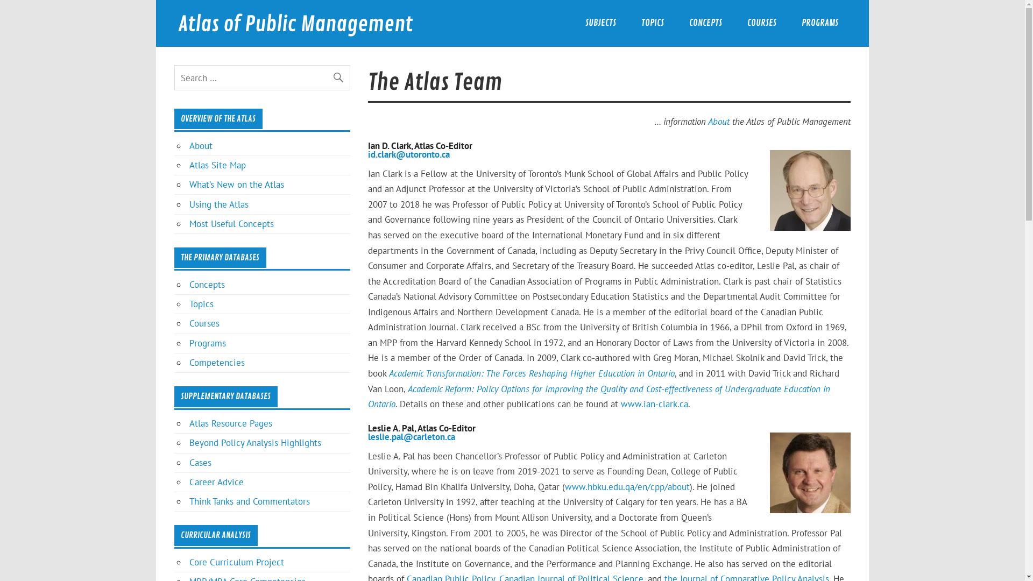 The image size is (1033, 581). Describe the element at coordinates (408, 154) in the screenshot. I see `'id.clark@utoronto.ca'` at that location.